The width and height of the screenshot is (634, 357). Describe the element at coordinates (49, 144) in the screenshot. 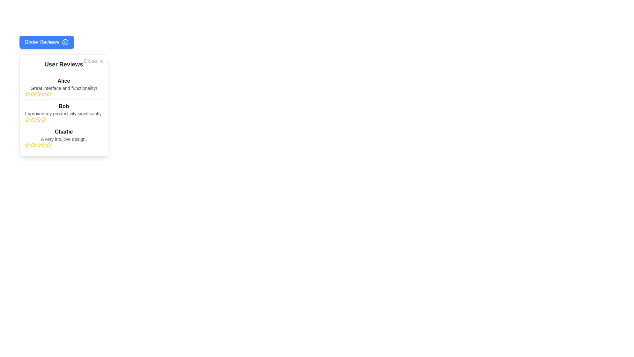

I see `the fifth star in the row of rating indicators under the review by 'Charlie'` at that location.